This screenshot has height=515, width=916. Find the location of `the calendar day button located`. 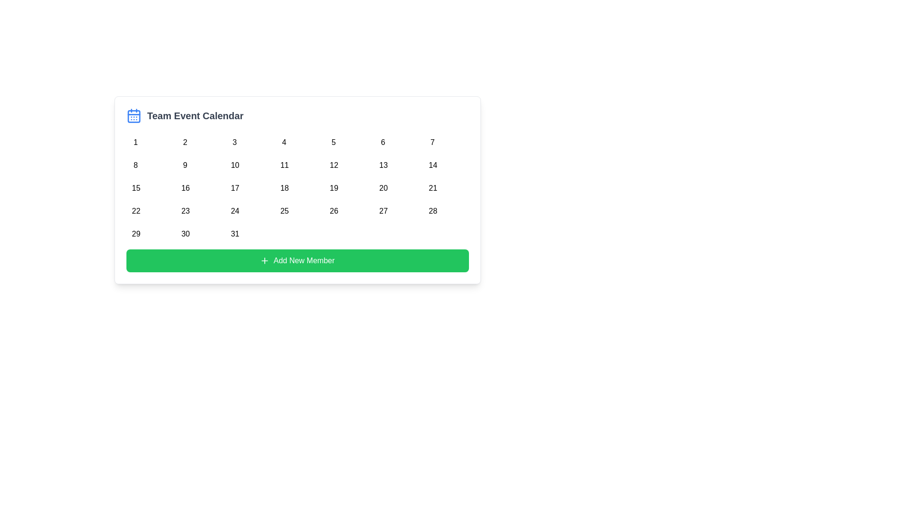

the calendar day button located is located at coordinates (234, 186).